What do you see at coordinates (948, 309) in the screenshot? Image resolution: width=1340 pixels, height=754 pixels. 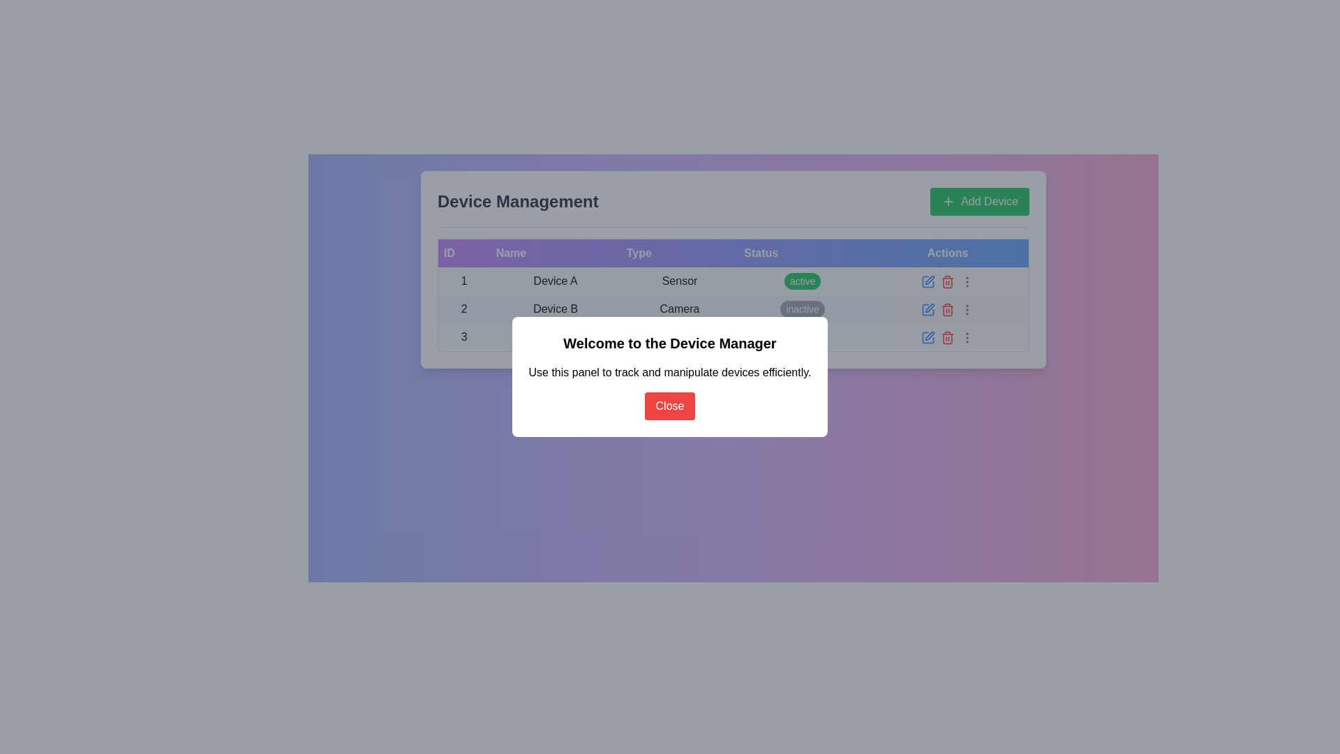 I see `the delete button located in the 'Actions' column of the second row in the device table` at bounding box center [948, 309].